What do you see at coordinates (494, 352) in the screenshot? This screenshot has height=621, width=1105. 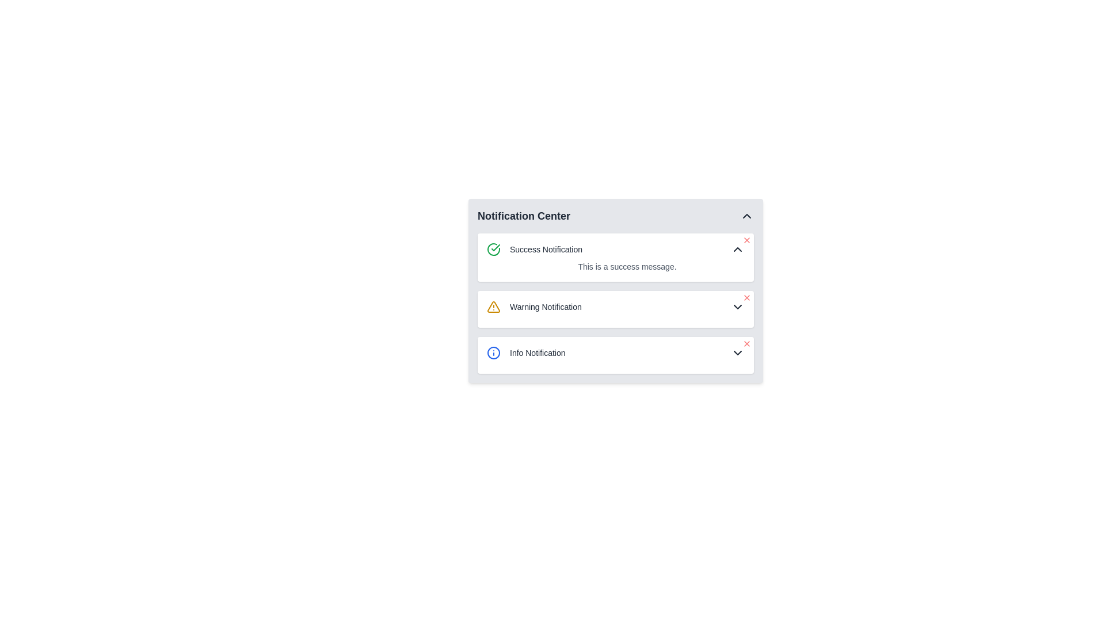 I see `the informational content icon located to the left of the text 'Info Notification' in the bottom notification entry` at bounding box center [494, 352].